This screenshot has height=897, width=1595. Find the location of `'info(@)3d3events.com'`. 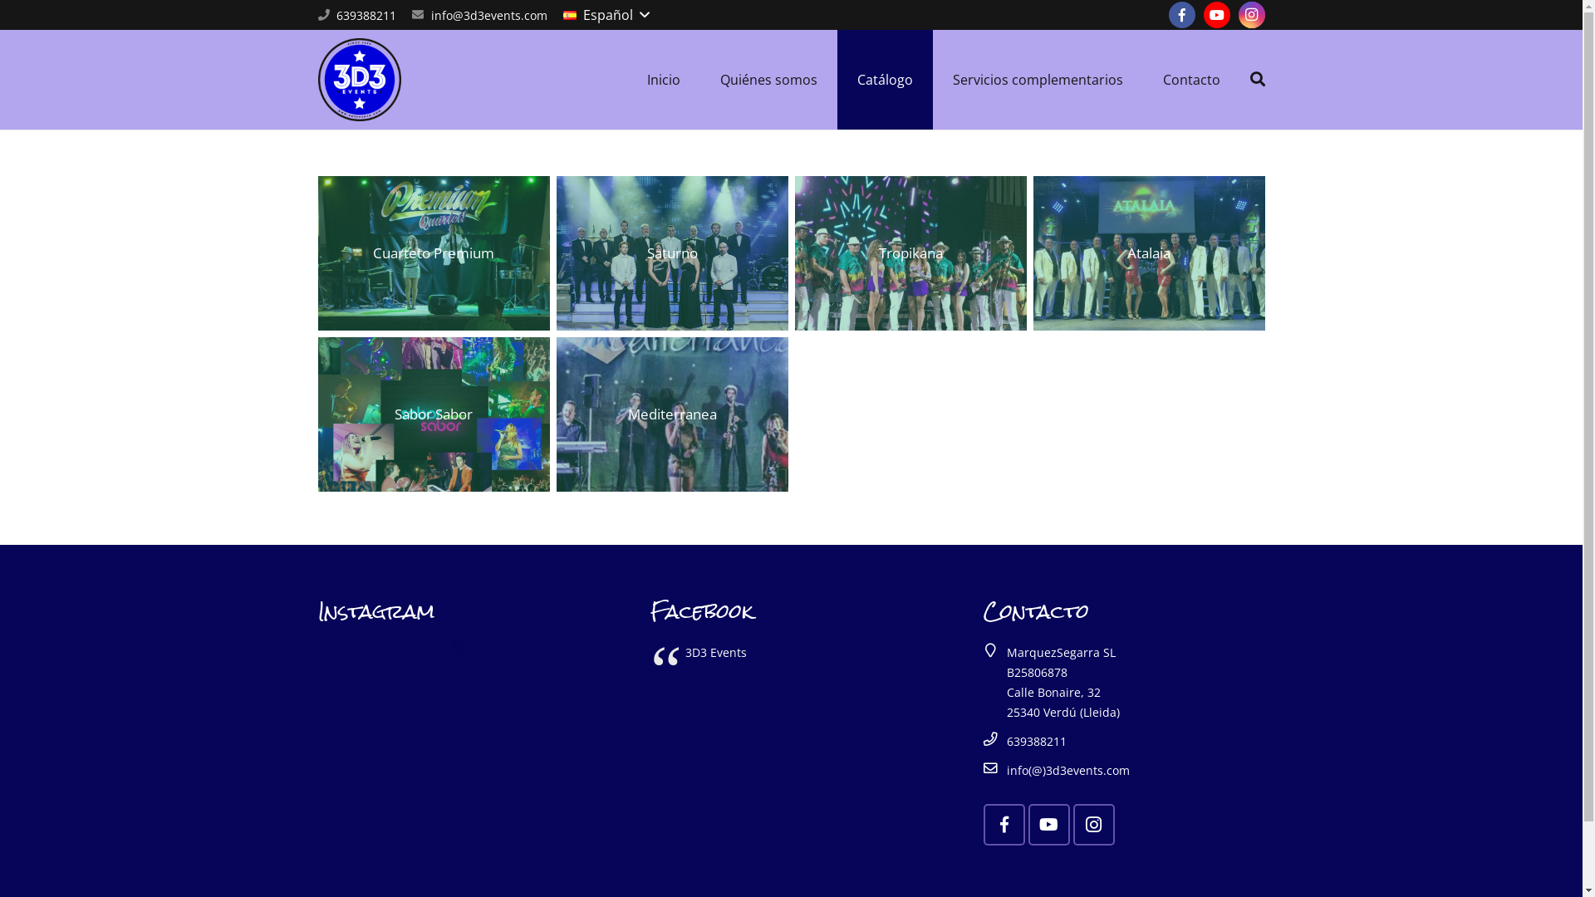

'info(@)3d3events.com' is located at coordinates (1068, 770).